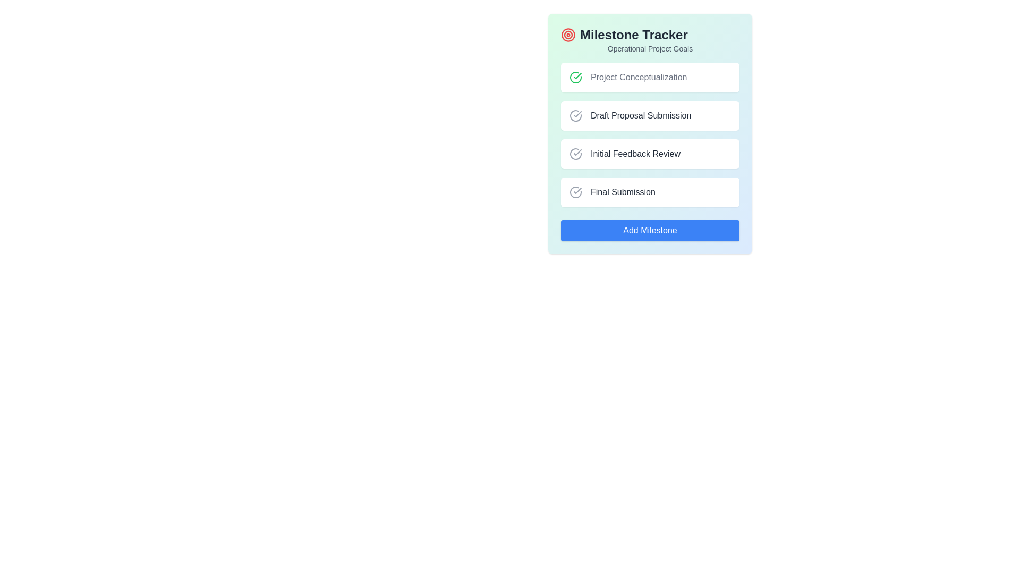 This screenshot has width=1020, height=574. Describe the element at coordinates (575, 154) in the screenshot. I see `the status indicator icon` at that location.